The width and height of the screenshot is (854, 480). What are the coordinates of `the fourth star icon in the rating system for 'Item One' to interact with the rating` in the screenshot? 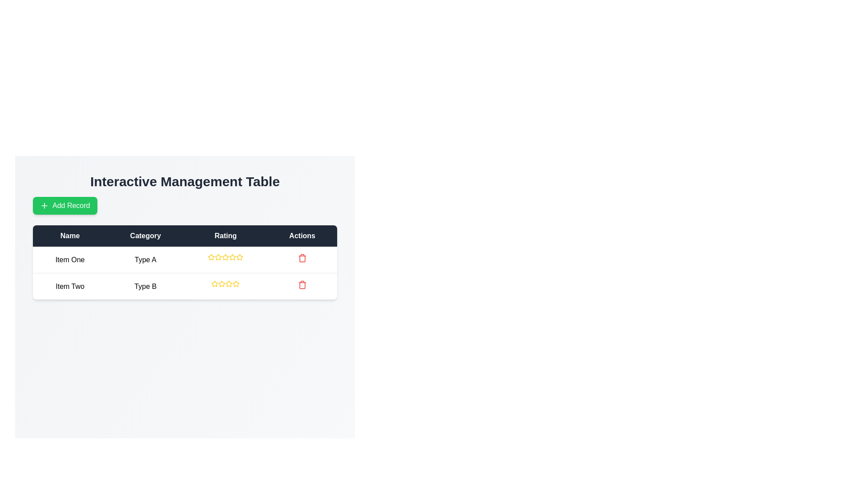 It's located at (226, 257).